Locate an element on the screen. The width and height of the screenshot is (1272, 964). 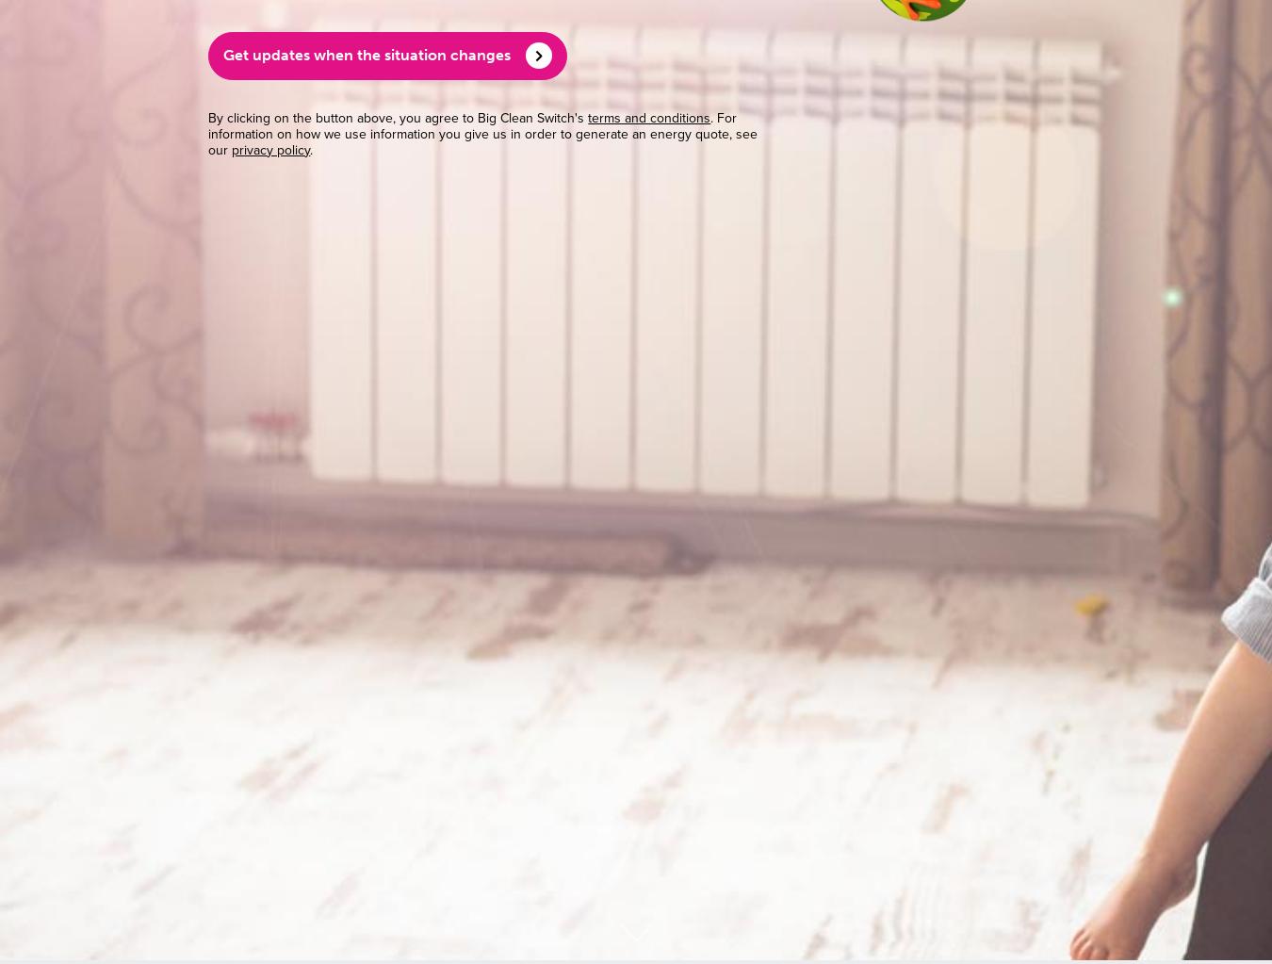
'The world’s first green energy company. Offering 100% renewable electricity from the wind and sun and carbon neutralised gas.' is located at coordinates (635, 107).